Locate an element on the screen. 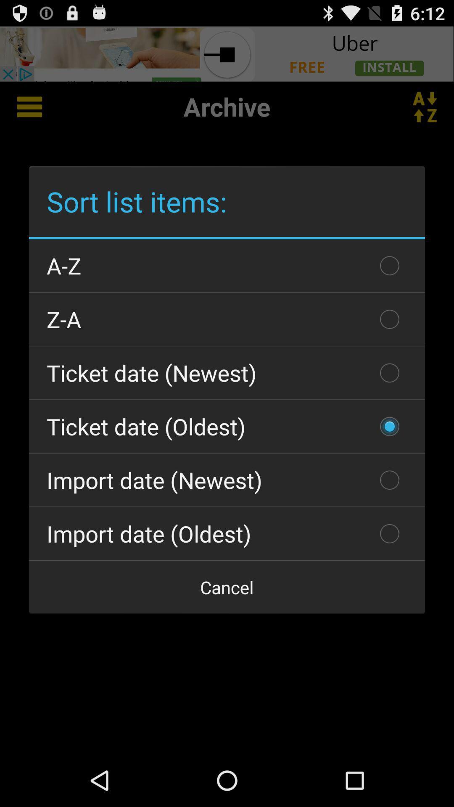  cancel button is located at coordinates (227, 587).